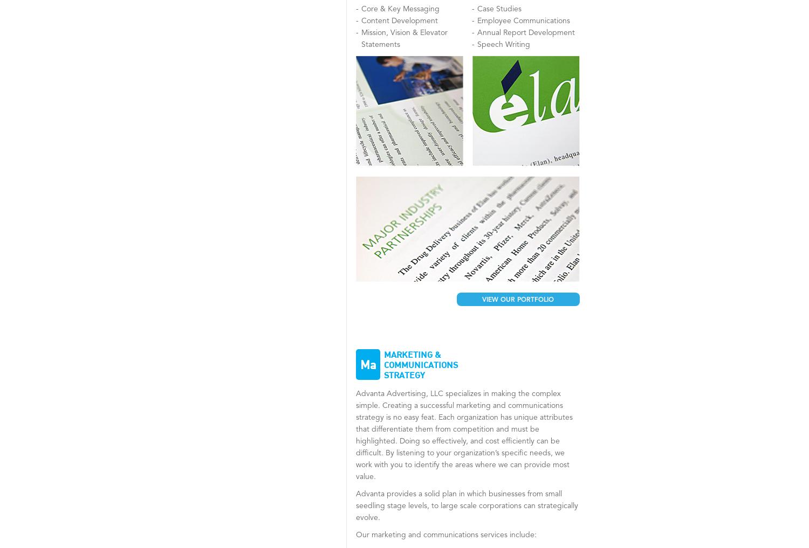  Describe the element at coordinates (525, 33) in the screenshot. I see `'Annual Report Development'` at that location.